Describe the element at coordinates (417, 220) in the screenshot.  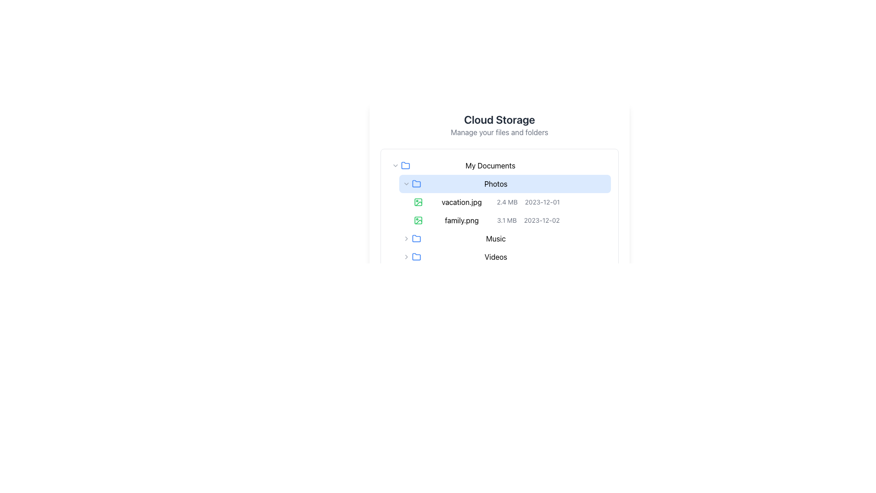
I see `the icon representing the file type or status for 'vacation.jpg' located to the left of the filename text` at that location.